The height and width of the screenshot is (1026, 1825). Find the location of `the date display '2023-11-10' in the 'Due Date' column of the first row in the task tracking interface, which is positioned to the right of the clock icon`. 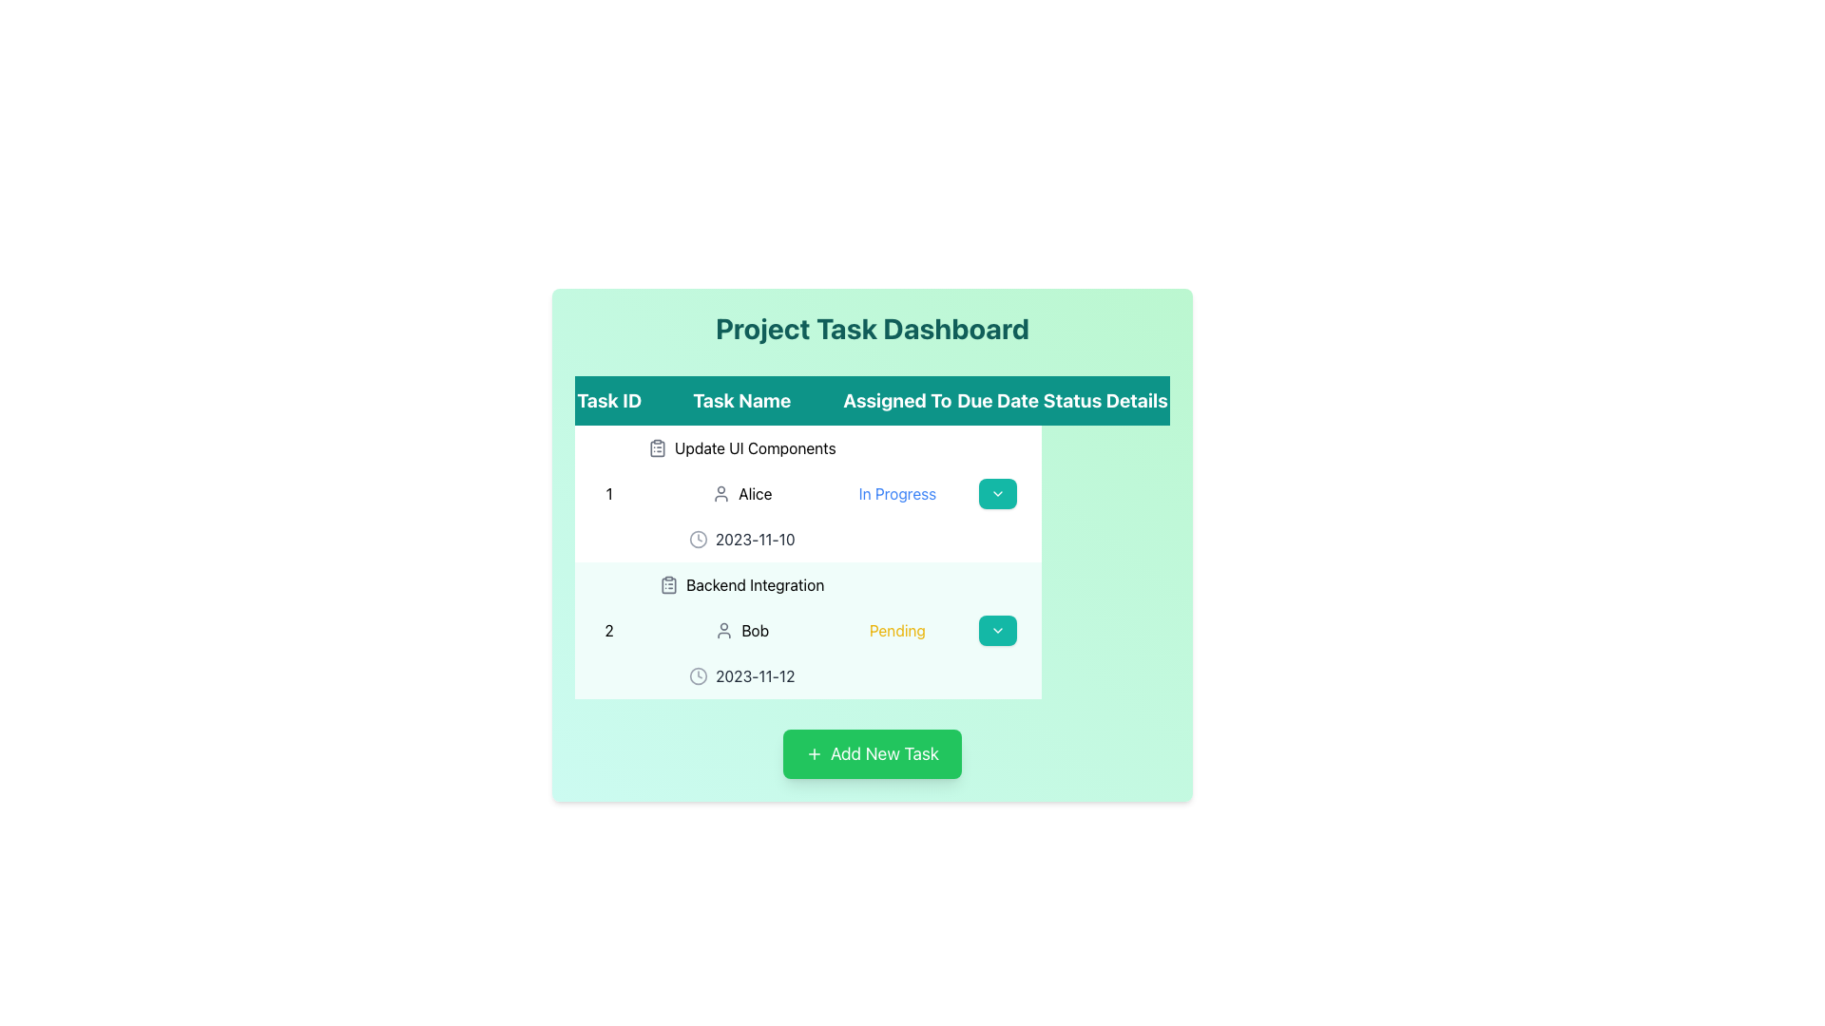

the date display '2023-11-10' in the 'Due Date' column of the first row in the task tracking interface, which is positioned to the right of the clock icon is located at coordinates (754, 539).